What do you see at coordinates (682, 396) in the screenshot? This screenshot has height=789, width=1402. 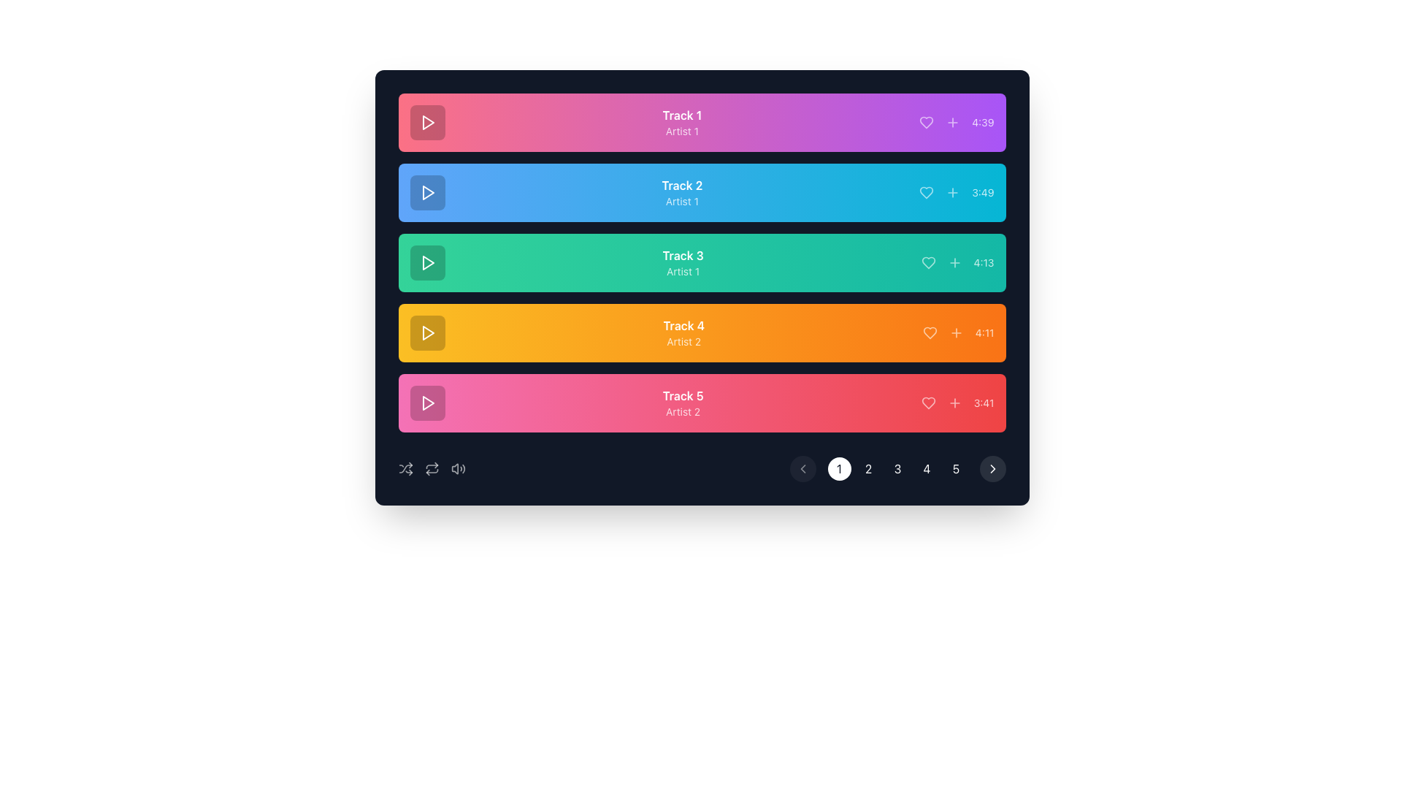 I see `the text label indicating the title of the fifth track in the list, which is located above the artist information 'Artist 2'` at bounding box center [682, 396].